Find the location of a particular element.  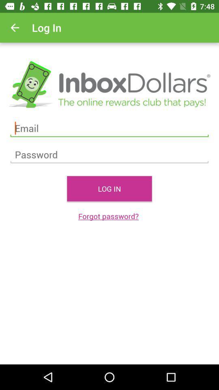

password is located at coordinates (109, 154).